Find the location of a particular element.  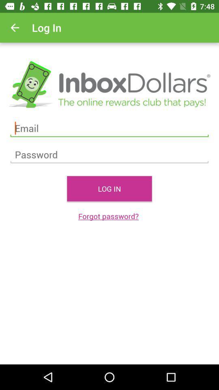

password is located at coordinates (109, 154).